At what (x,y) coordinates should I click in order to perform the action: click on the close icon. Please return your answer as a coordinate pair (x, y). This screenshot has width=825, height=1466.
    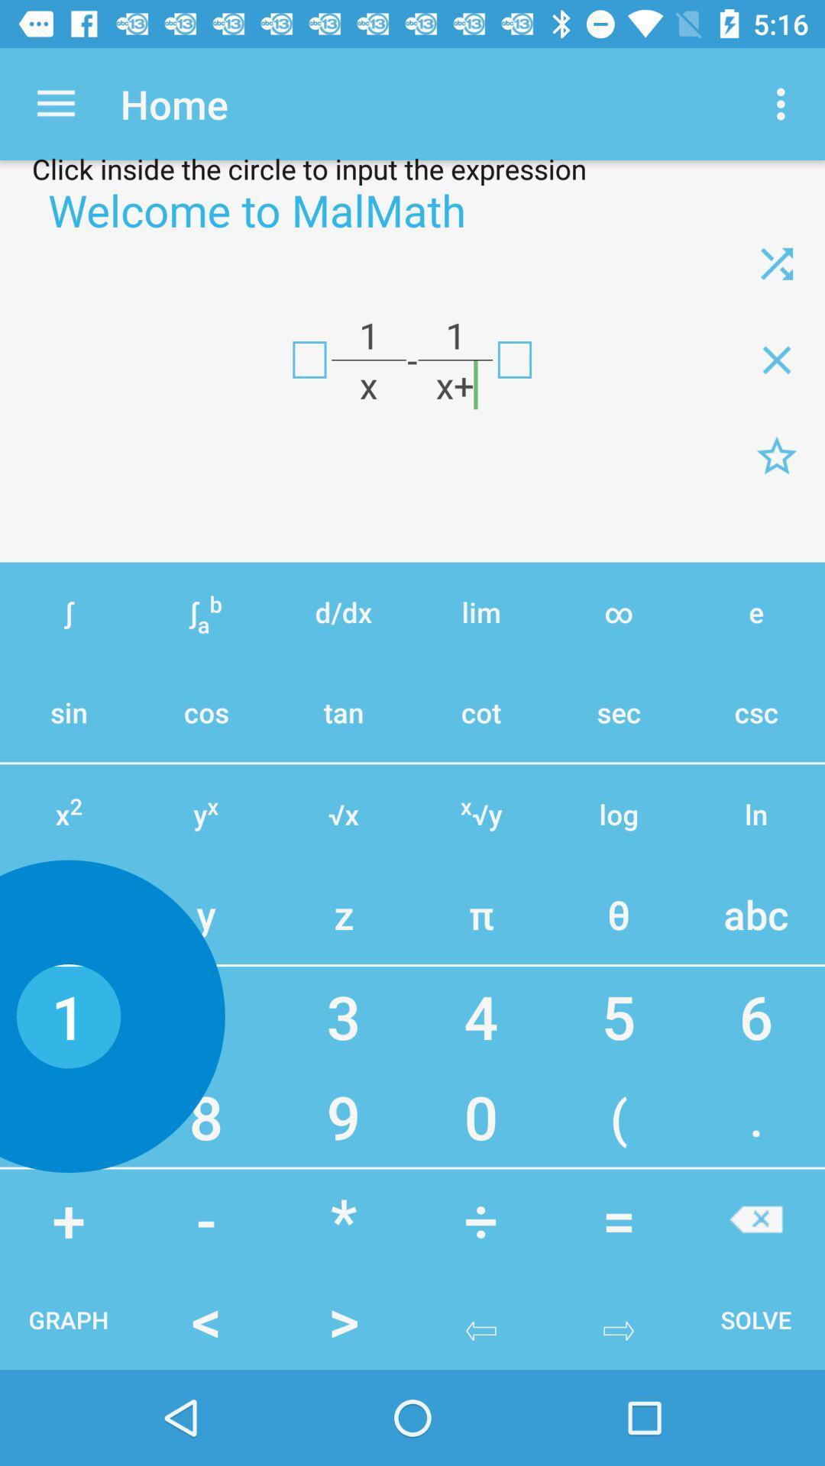
    Looking at the image, I should click on (777, 263).